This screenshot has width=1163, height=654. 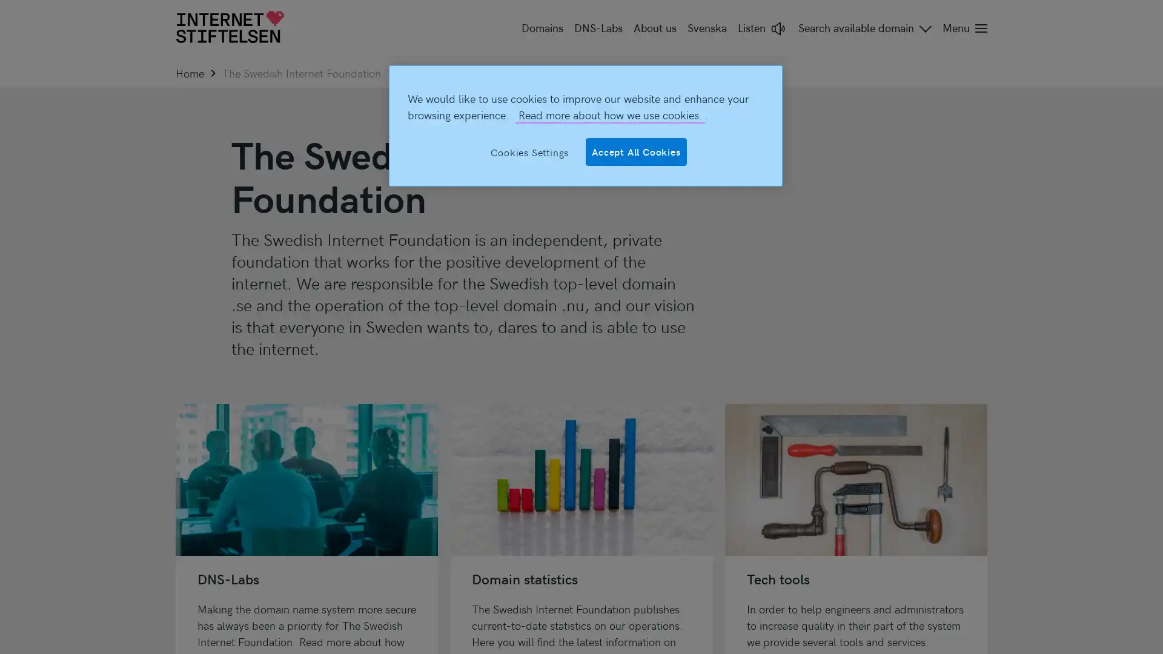 I want to click on Search available domain, so click(x=864, y=27).